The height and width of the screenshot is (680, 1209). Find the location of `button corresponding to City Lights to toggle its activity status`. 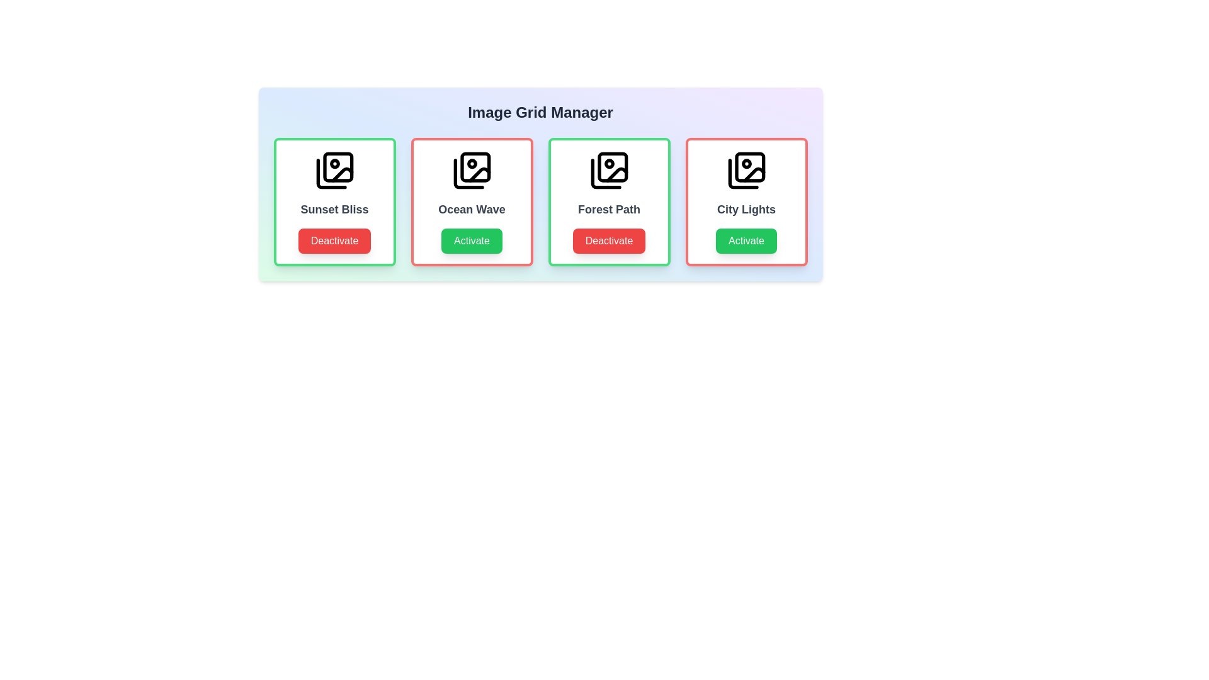

button corresponding to City Lights to toggle its activity status is located at coordinates (746, 241).